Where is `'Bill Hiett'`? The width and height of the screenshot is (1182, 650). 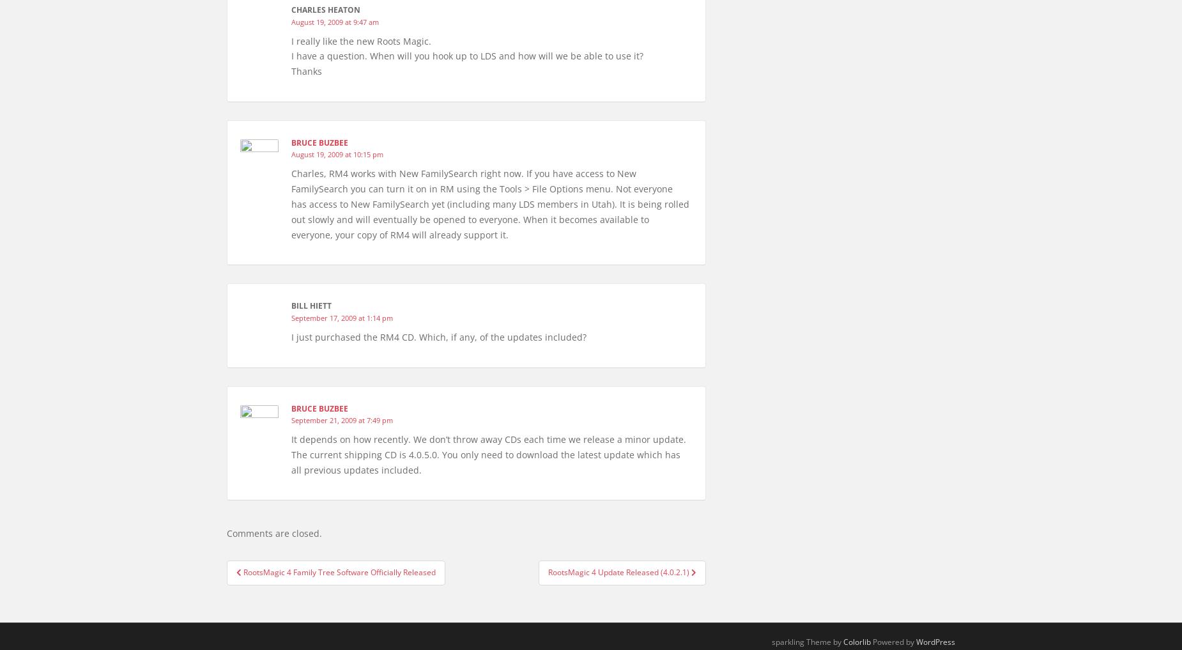
'Bill Hiett' is located at coordinates (311, 305).